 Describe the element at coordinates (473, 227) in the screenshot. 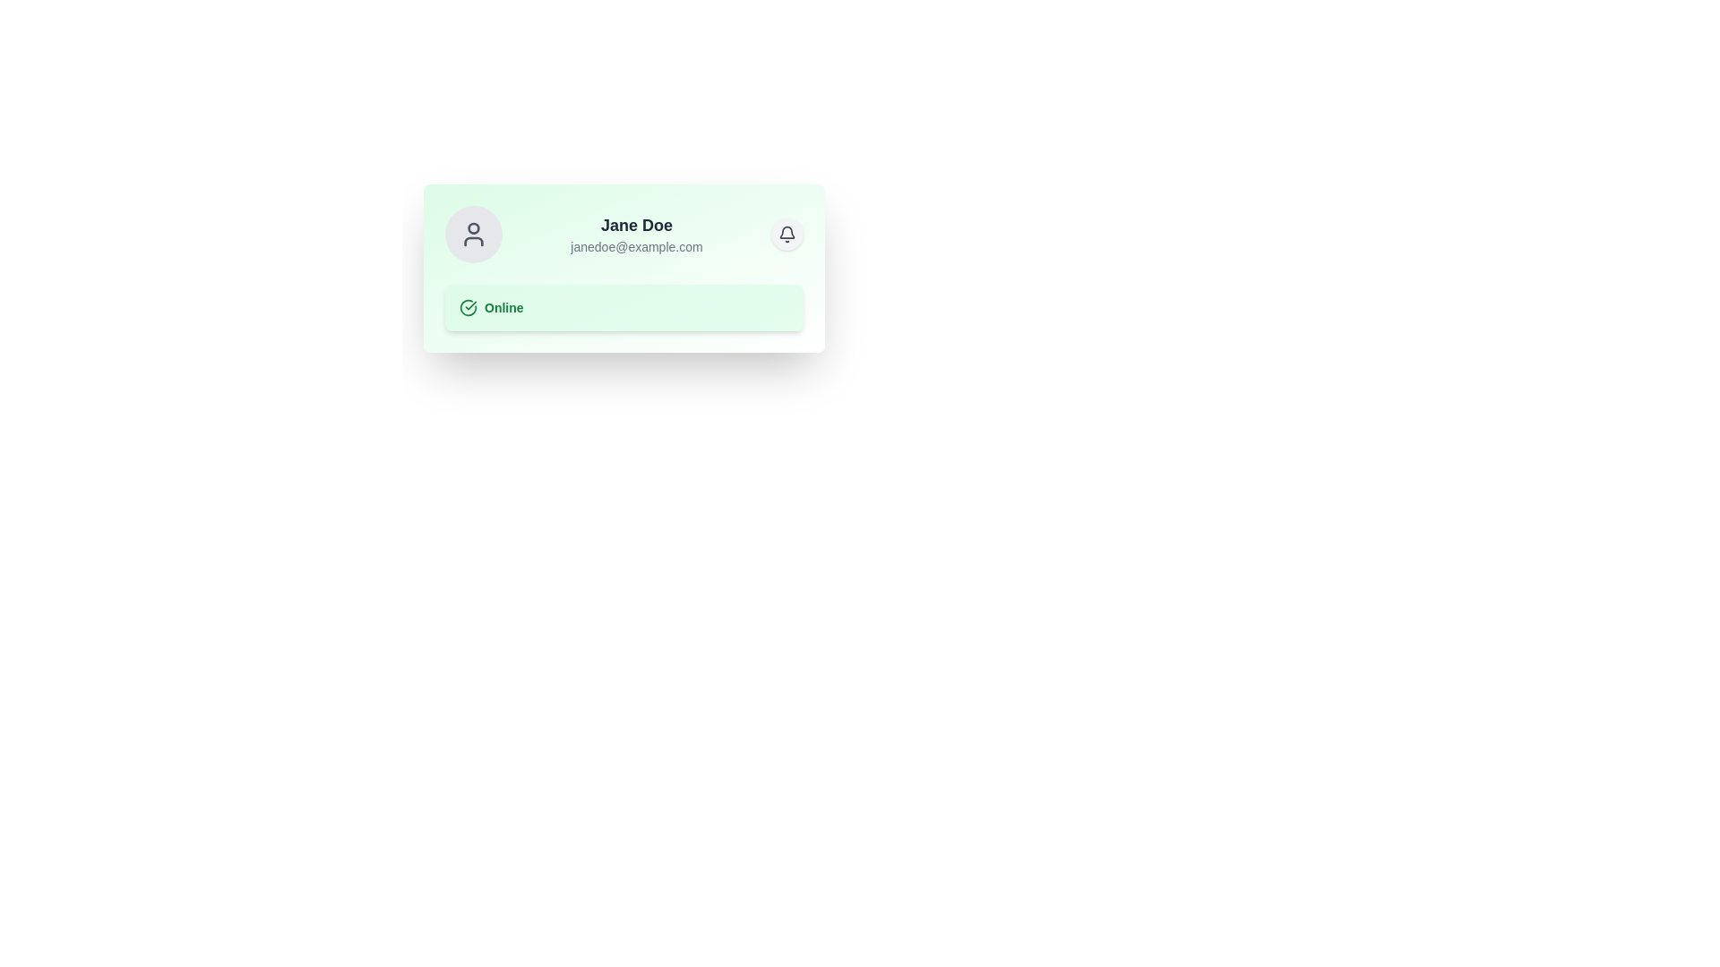

I see `the circular SVG component that represents a small dot within the profile icon on the left side of the user card` at that location.